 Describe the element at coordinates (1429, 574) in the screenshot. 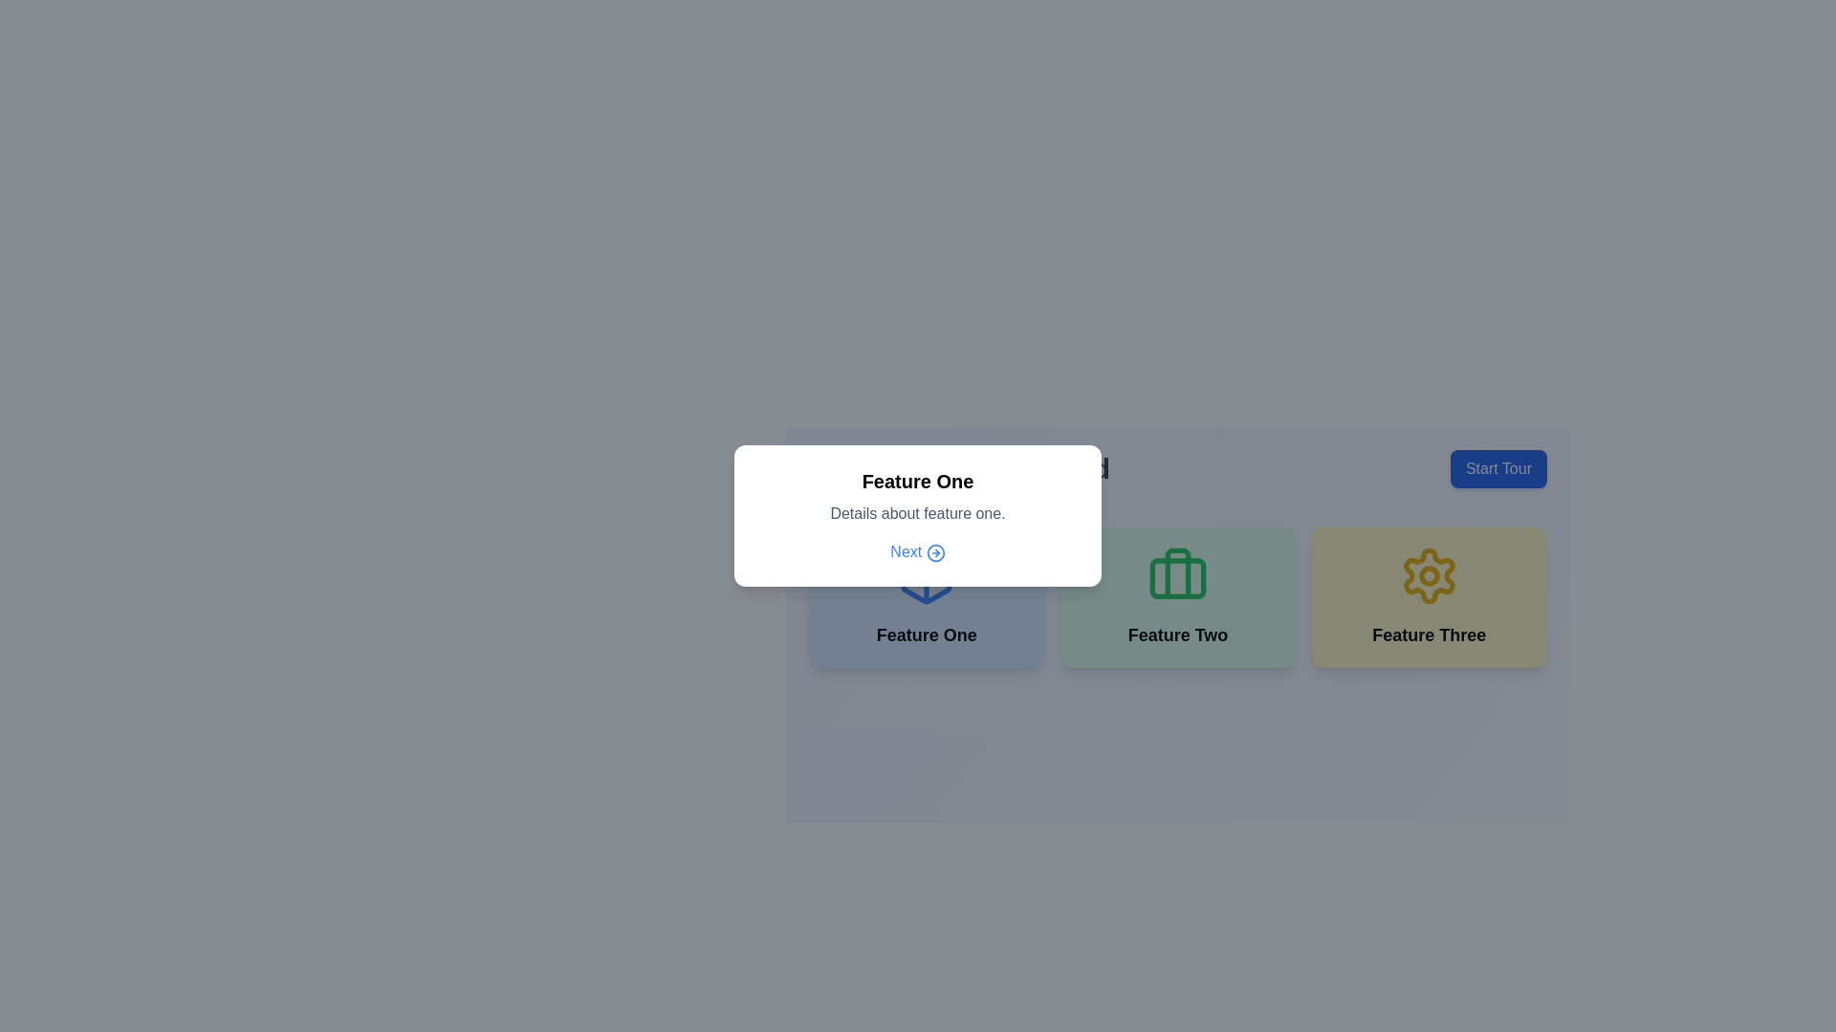

I see `the gear-shaped icon in the 'Feature Three' section, which is styled in yellow and located above the text 'Feature Three'` at that location.